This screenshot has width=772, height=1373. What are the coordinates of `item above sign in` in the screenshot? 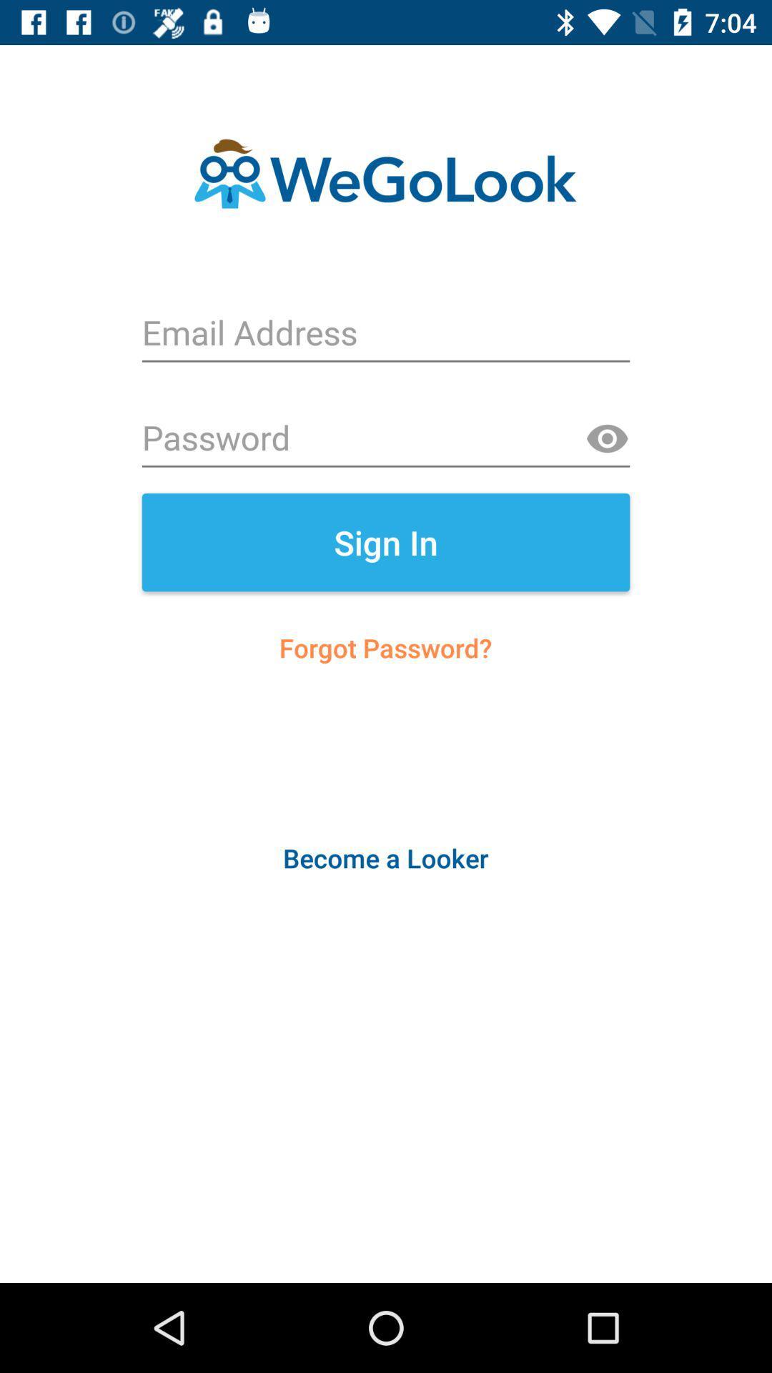 It's located at (607, 438).